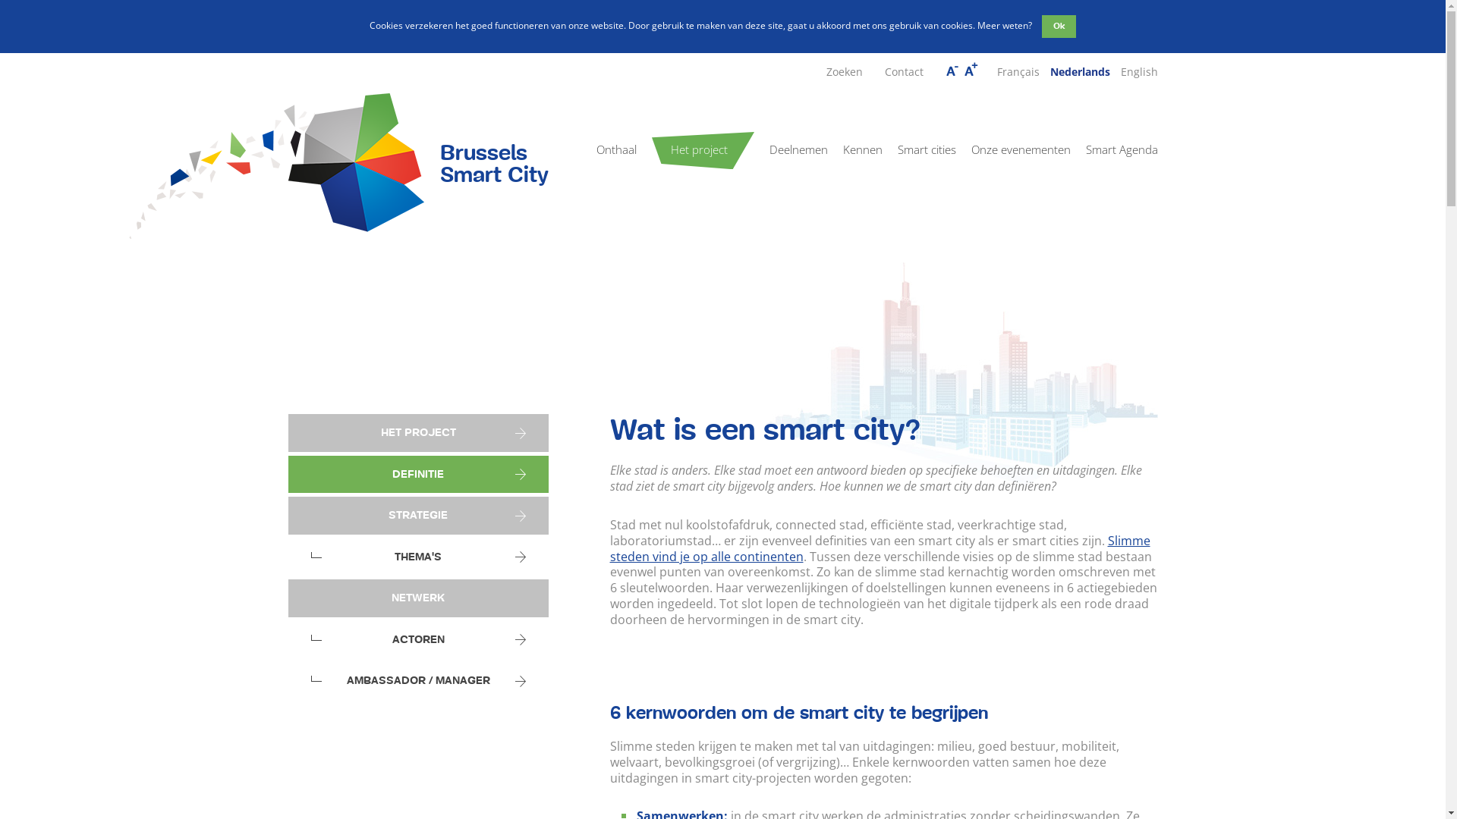 This screenshot has width=1457, height=819. I want to click on 'Contact', so click(904, 71).